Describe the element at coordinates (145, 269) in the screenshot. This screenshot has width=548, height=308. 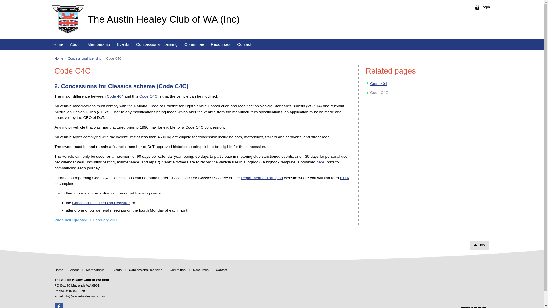
I see `'Concessional licensing'` at that location.